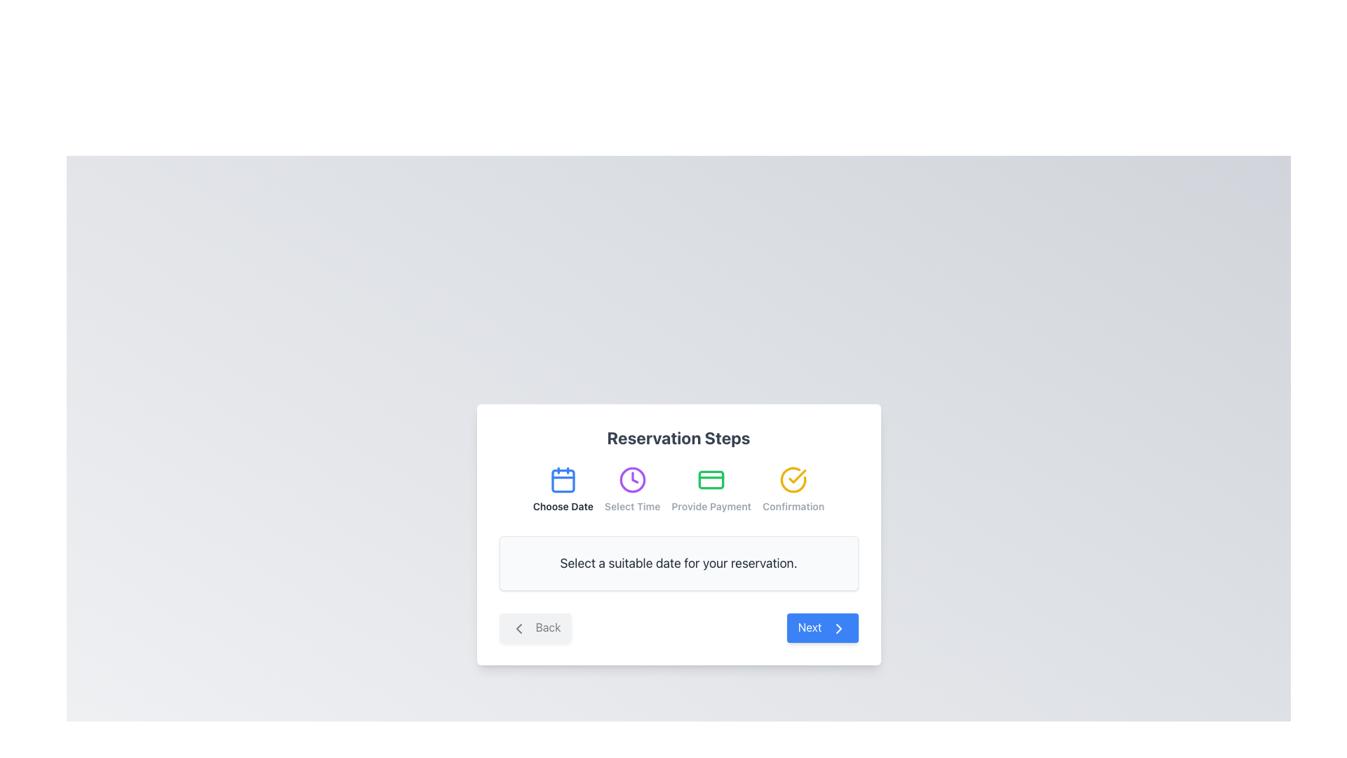 This screenshot has height=758, width=1347. Describe the element at coordinates (678, 627) in the screenshot. I see `the 'Next' button on the dual-button navigation control at the bottom of the modal to proceed to the next step` at that location.